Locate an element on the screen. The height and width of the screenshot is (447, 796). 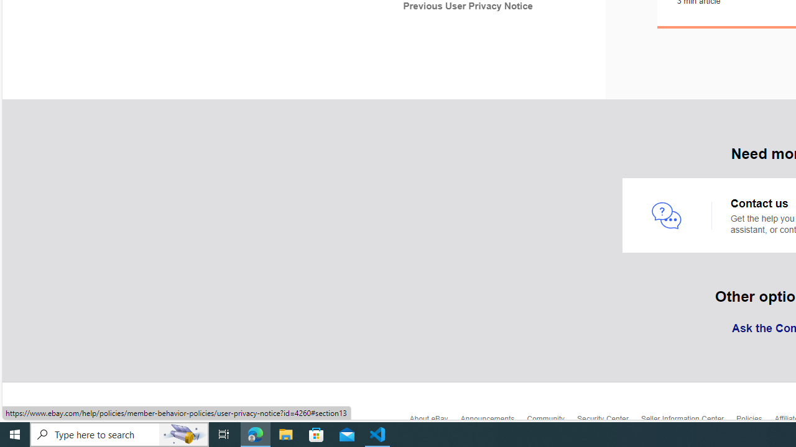
'Security Center' is located at coordinates (608, 421).